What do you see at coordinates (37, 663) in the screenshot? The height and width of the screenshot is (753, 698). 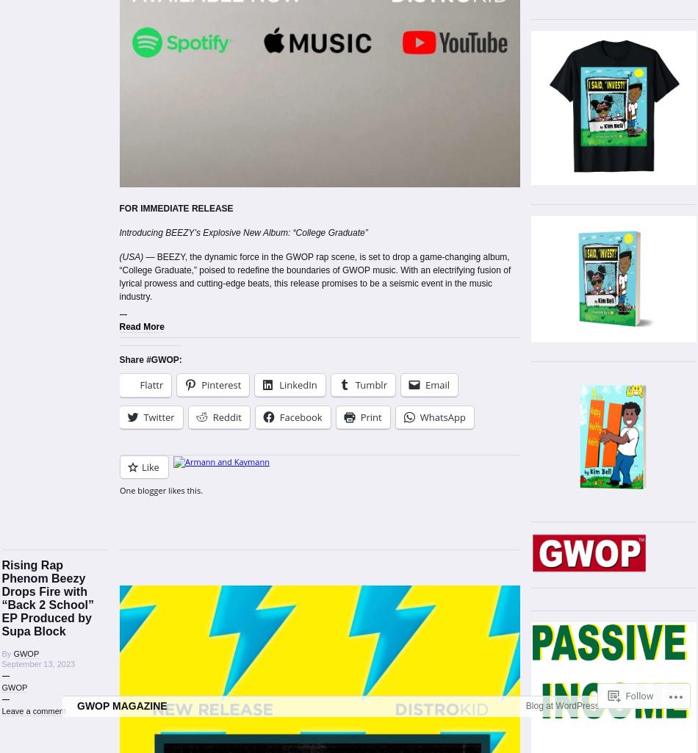 I see `'September 13, 2023'` at bounding box center [37, 663].